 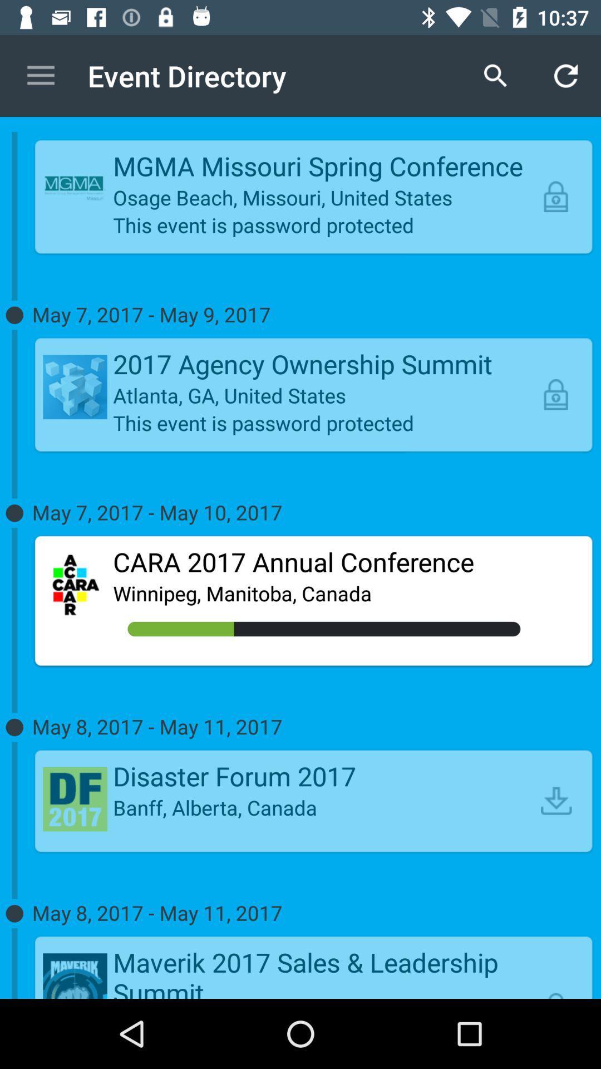 What do you see at coordinates (324, 395) in the screenshot?
I see `the item below 2017 agency ownership item` at bounding box center [324, 395].